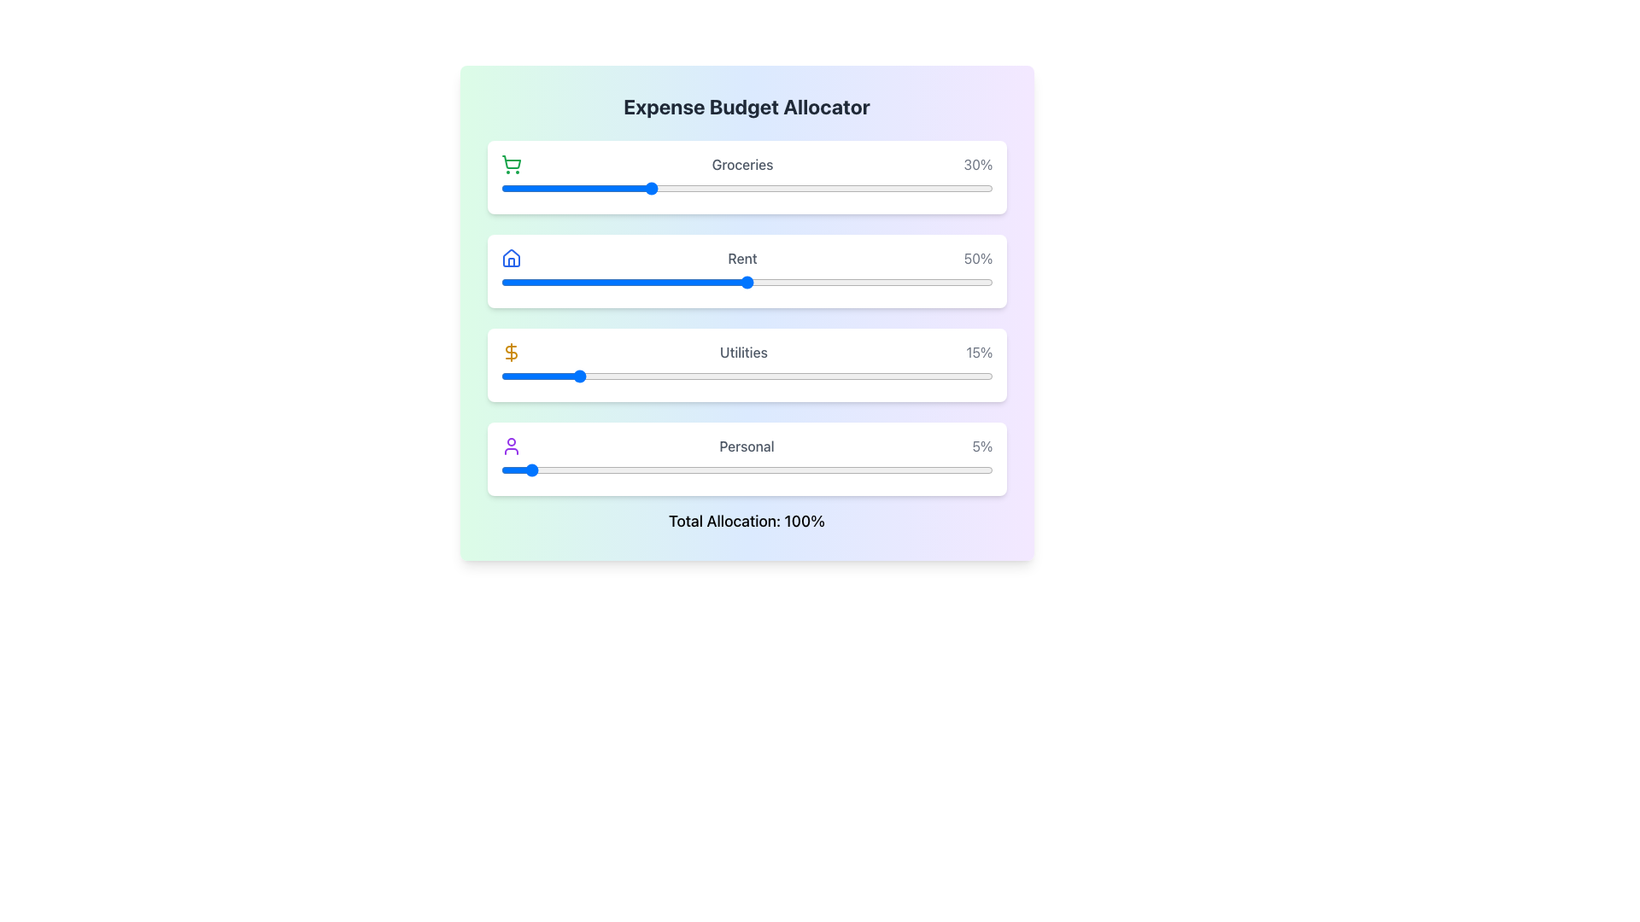 The width and height of the screenshot is (1640, 922). I want to click on the range slider located in the 'Rent' category section, positioned below the text 'Rent' and the percentage '50%', so click(747, 282).